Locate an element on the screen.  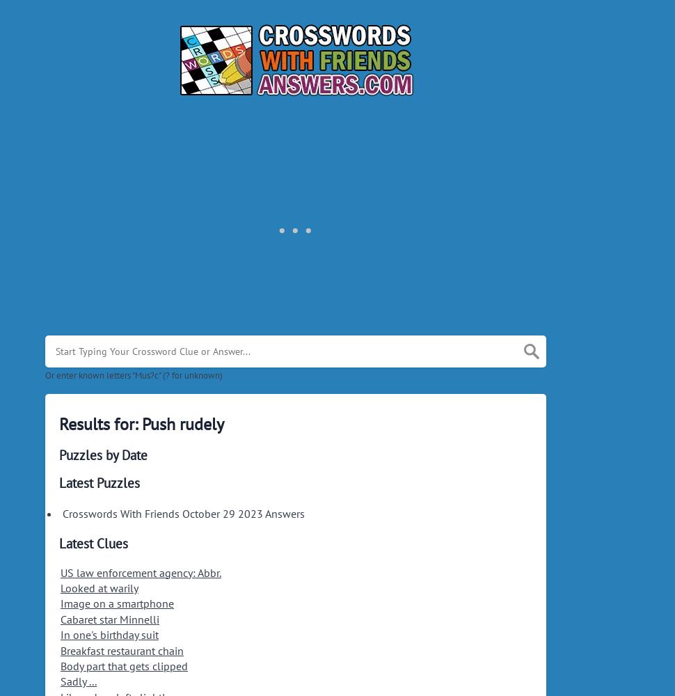
'Results for: Push rudely' is located at coordinates (58, 423).